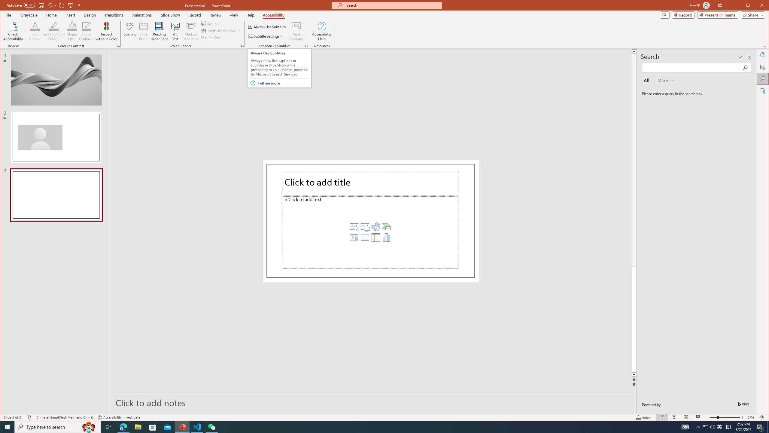 Image resolution: width=769 pixels, height=433 pixels. What do you see at coordinates (218, 31) in the screenshot?
I see `'Insert Header Row'` at bounding box center [218, 31].